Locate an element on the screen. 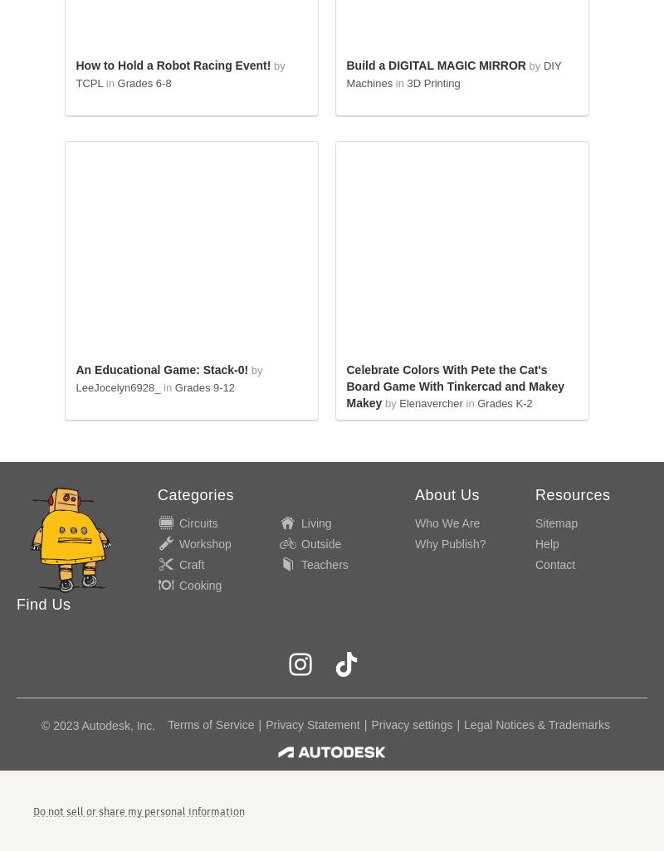 The width and height of the screenshot is (664, 851). 'Why Publish?' is located at coordinates (450, 542).